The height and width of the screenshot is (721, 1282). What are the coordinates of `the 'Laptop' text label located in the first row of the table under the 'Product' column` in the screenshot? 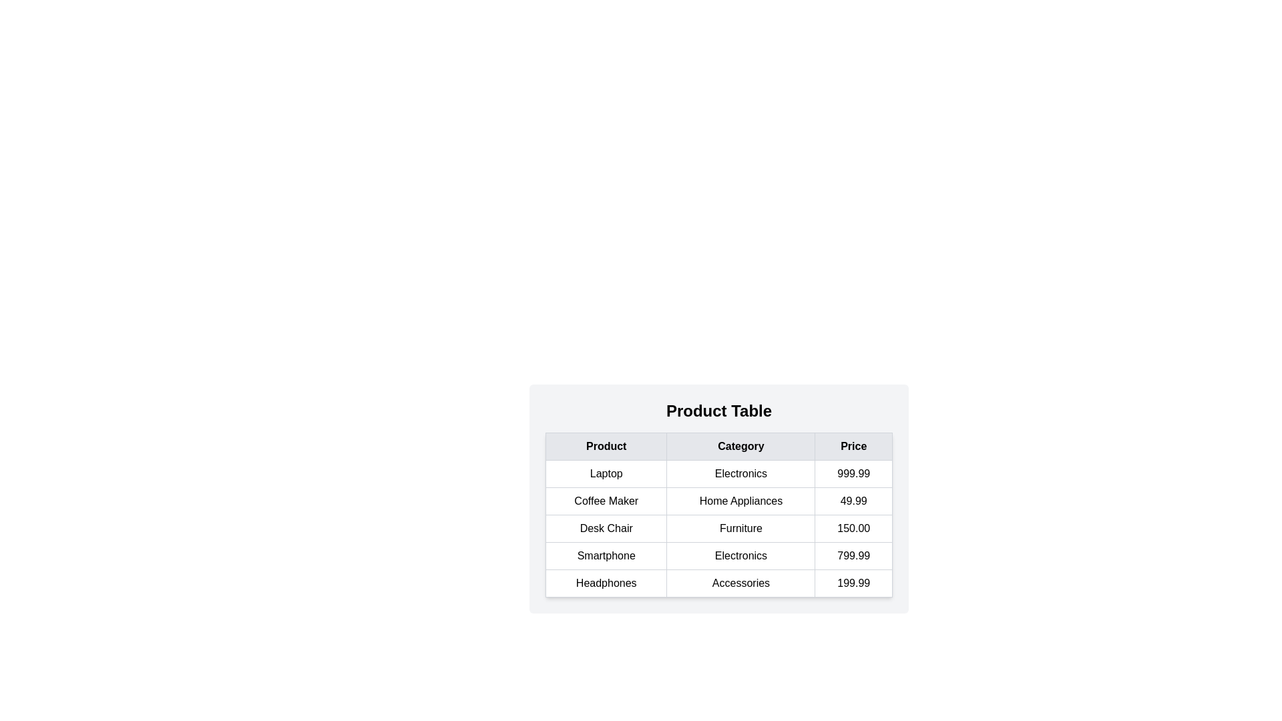 It's located at (606, 473).